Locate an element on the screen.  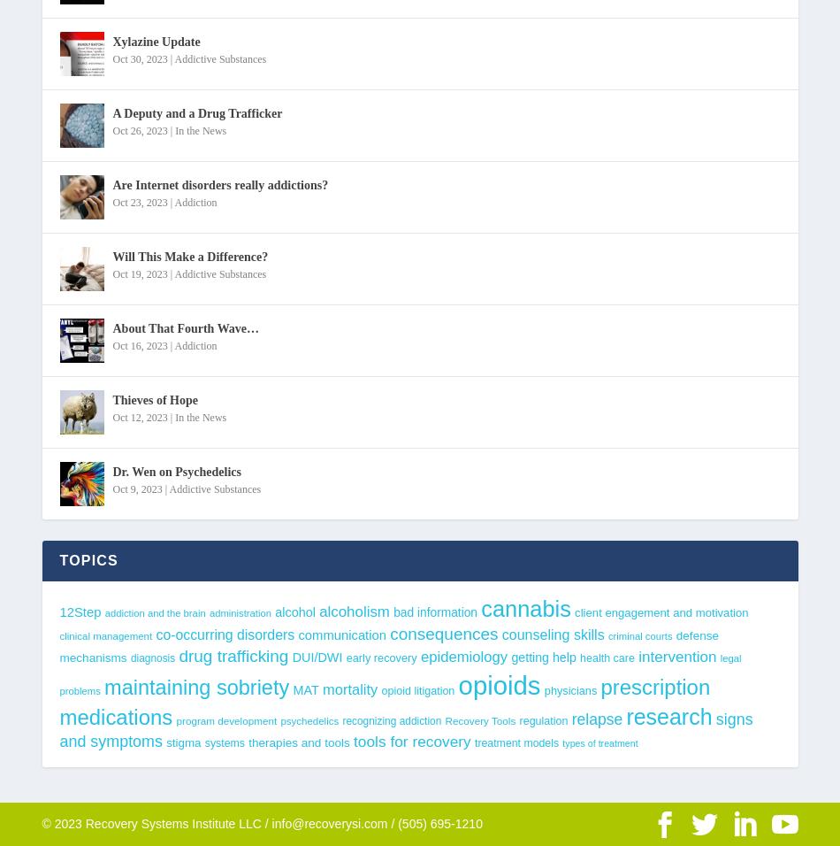
'treatment models' is located at coordinates (473, 743).